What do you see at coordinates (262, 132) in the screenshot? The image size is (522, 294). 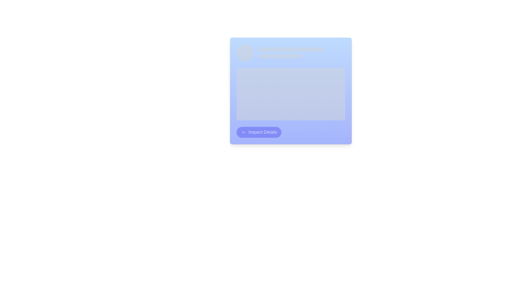 I see `the blue rounded button label located at the bottom of the card section to provide more detailed information or expand the section related to the card` at bounding box center [262, 132].